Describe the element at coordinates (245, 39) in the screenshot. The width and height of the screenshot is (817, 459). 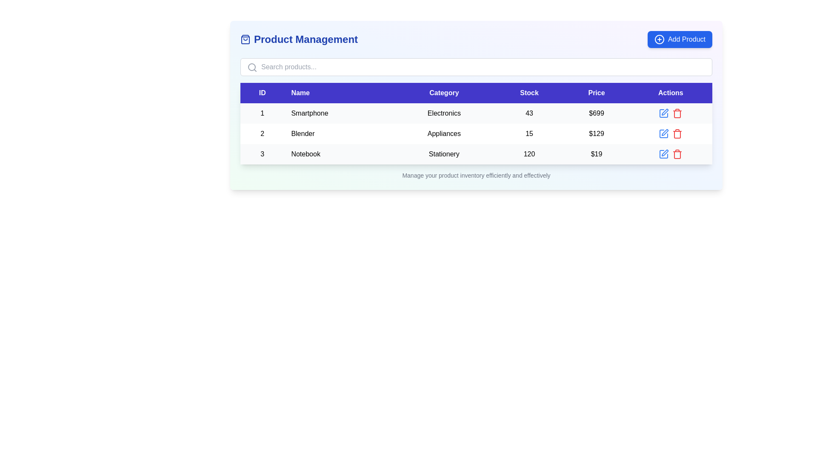
I see `the SVG icon representing product management, located to the left of the 'Product Management' text label in the top-left section of the interface` at that location.